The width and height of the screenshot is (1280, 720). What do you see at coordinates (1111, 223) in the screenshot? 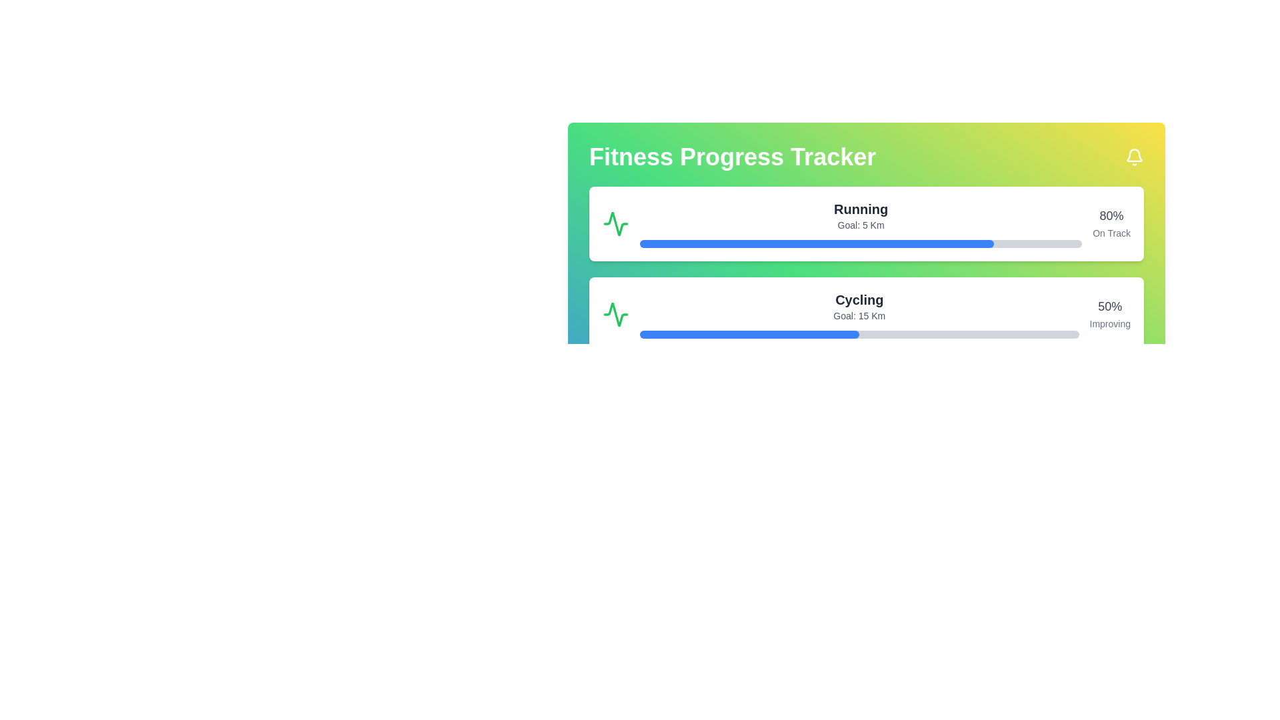
I see `the informative text display element showing '80%' and 'On Track', located on the far right side of the progress tracker for a 'Running' goal` at bounding box center [1111, 223].